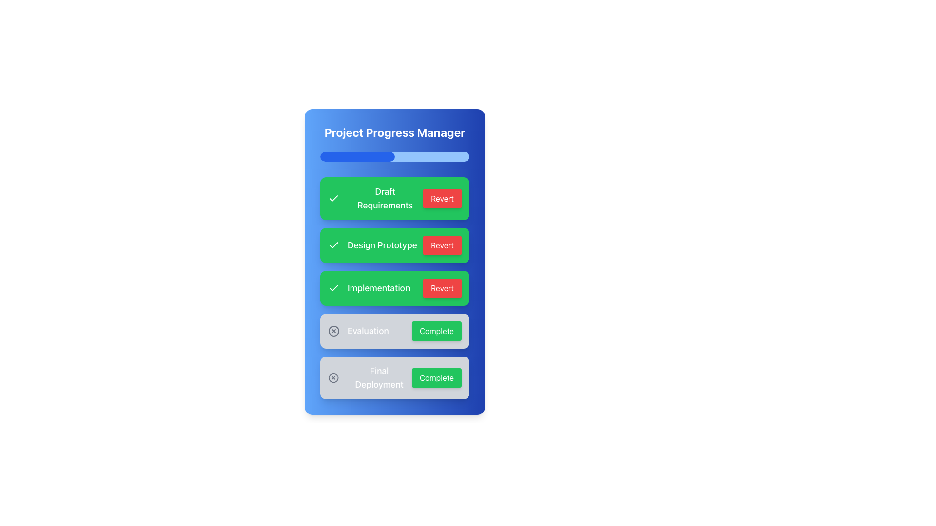 The image size is (936, 526). What do you see at coordinates (334, 287) in the screenshot?
I see `the icon button located on the left side of the 'Implementation' label` at bounding box center [334, 287].